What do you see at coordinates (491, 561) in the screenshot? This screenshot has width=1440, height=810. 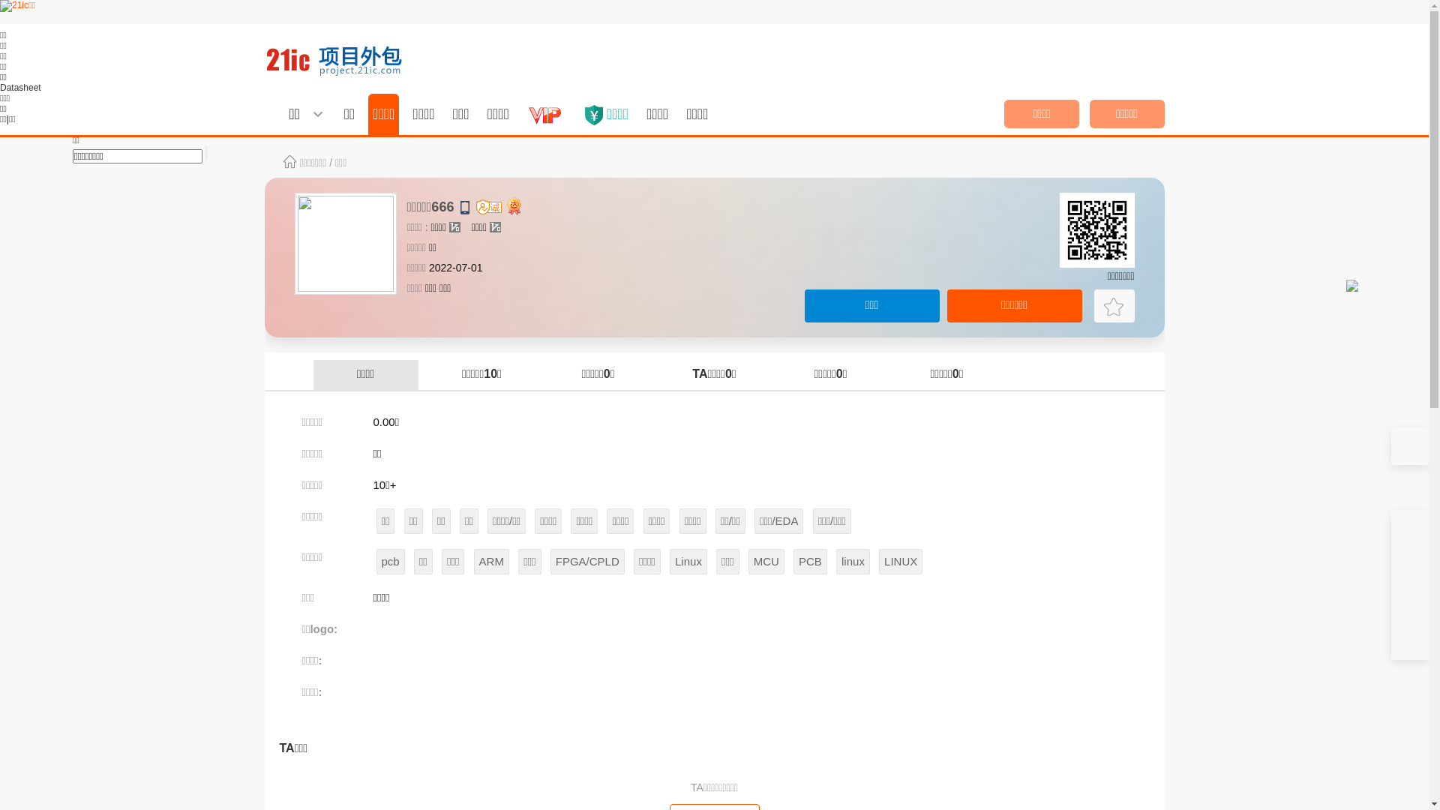 I see `'ARM'` at bounding box center [491, 561].